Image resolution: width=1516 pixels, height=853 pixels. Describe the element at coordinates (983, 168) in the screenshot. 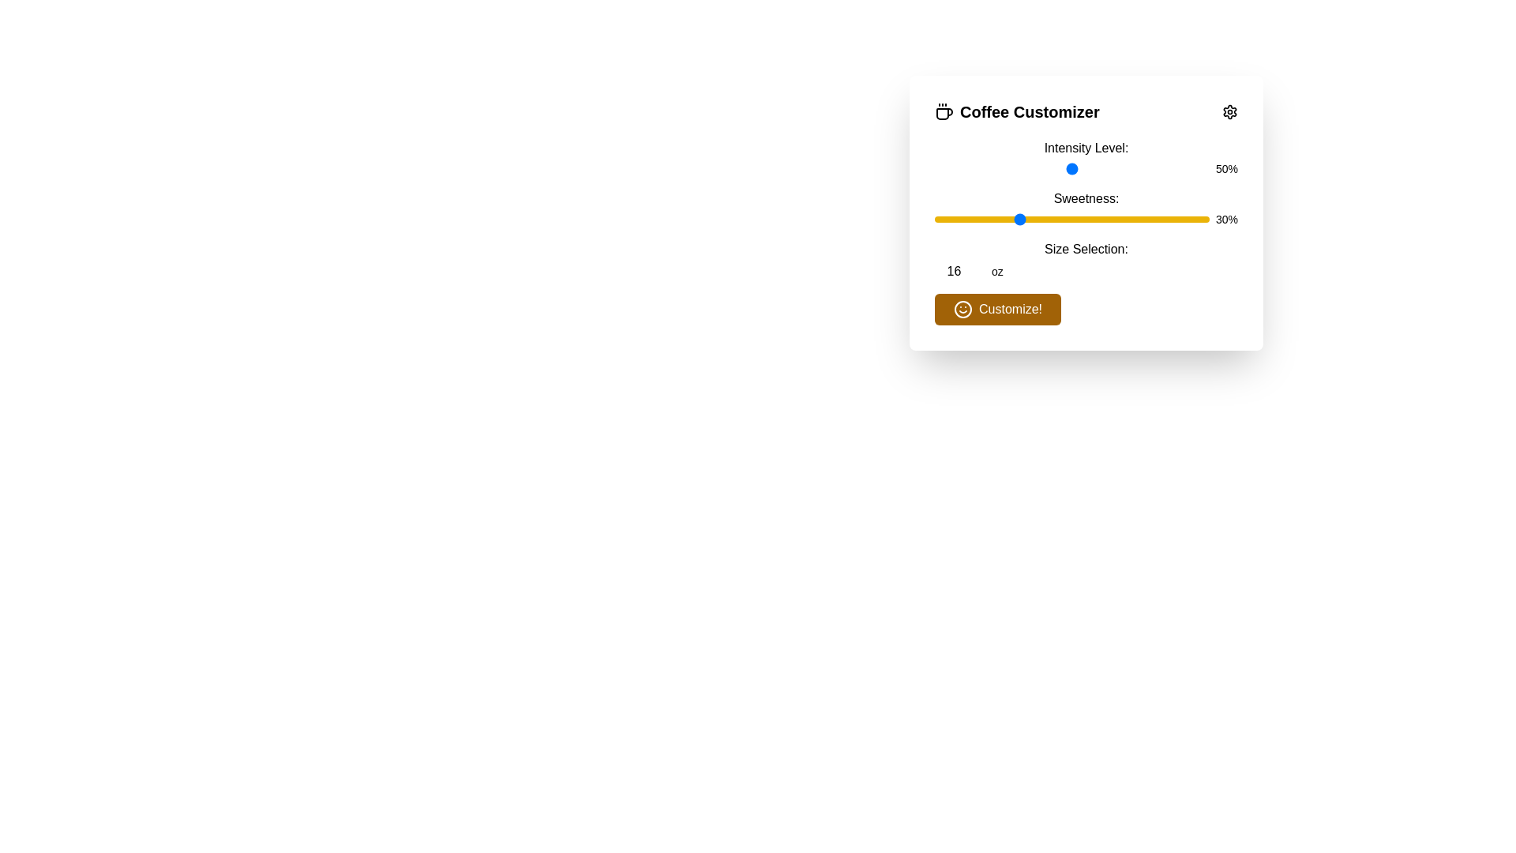

I see `the intensity level slider to 18%` at that location.